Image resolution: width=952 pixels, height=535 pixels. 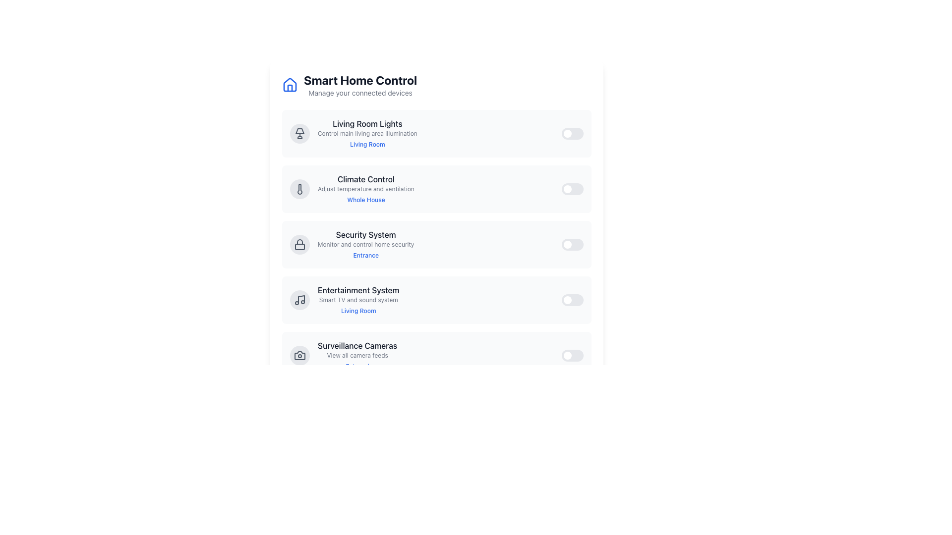 I want to click on the circular icon button with a gray background and a lock icon, located to the left of the 'Security System' text, so click(x=299, y=244).